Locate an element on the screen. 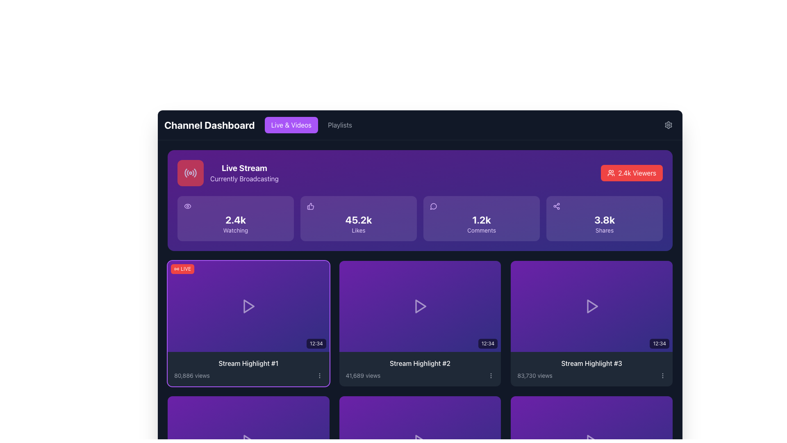 The height and width of the screenshot is (443, 787). the Text Display indicating the share count, which is located in the top right section of the dashboard, above the word 'Shares' and next to the sharing icon is located at coordinates (604, 219).